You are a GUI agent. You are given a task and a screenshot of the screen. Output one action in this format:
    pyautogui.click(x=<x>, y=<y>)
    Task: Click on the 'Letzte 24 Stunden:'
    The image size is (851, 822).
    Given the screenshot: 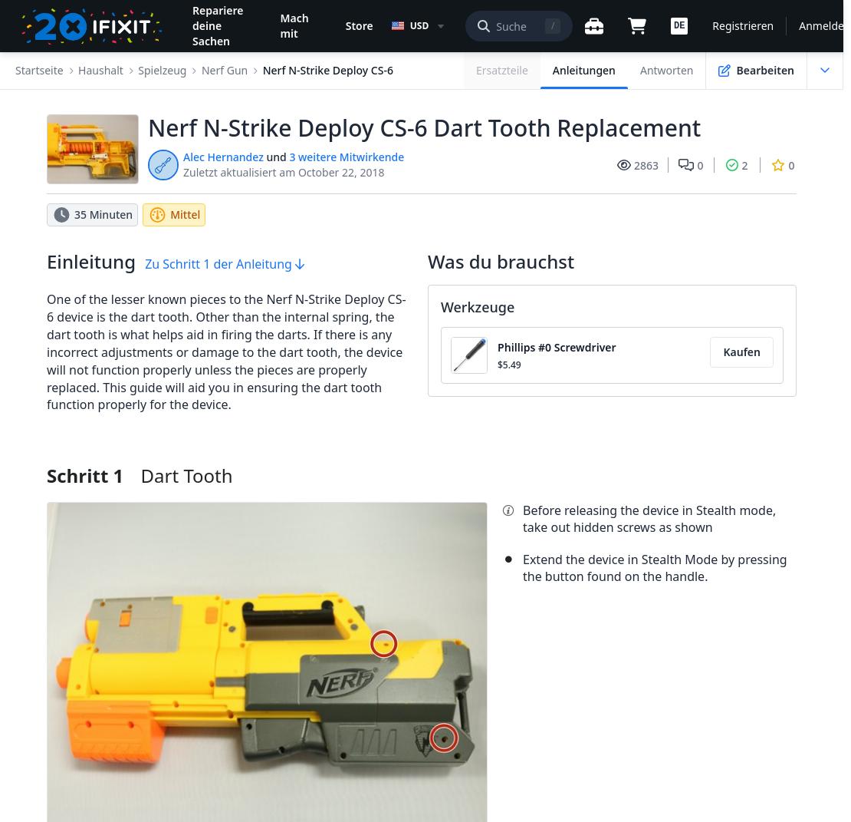 What is the action you would take?
    pyautogui.click(x=107, y=135)
    